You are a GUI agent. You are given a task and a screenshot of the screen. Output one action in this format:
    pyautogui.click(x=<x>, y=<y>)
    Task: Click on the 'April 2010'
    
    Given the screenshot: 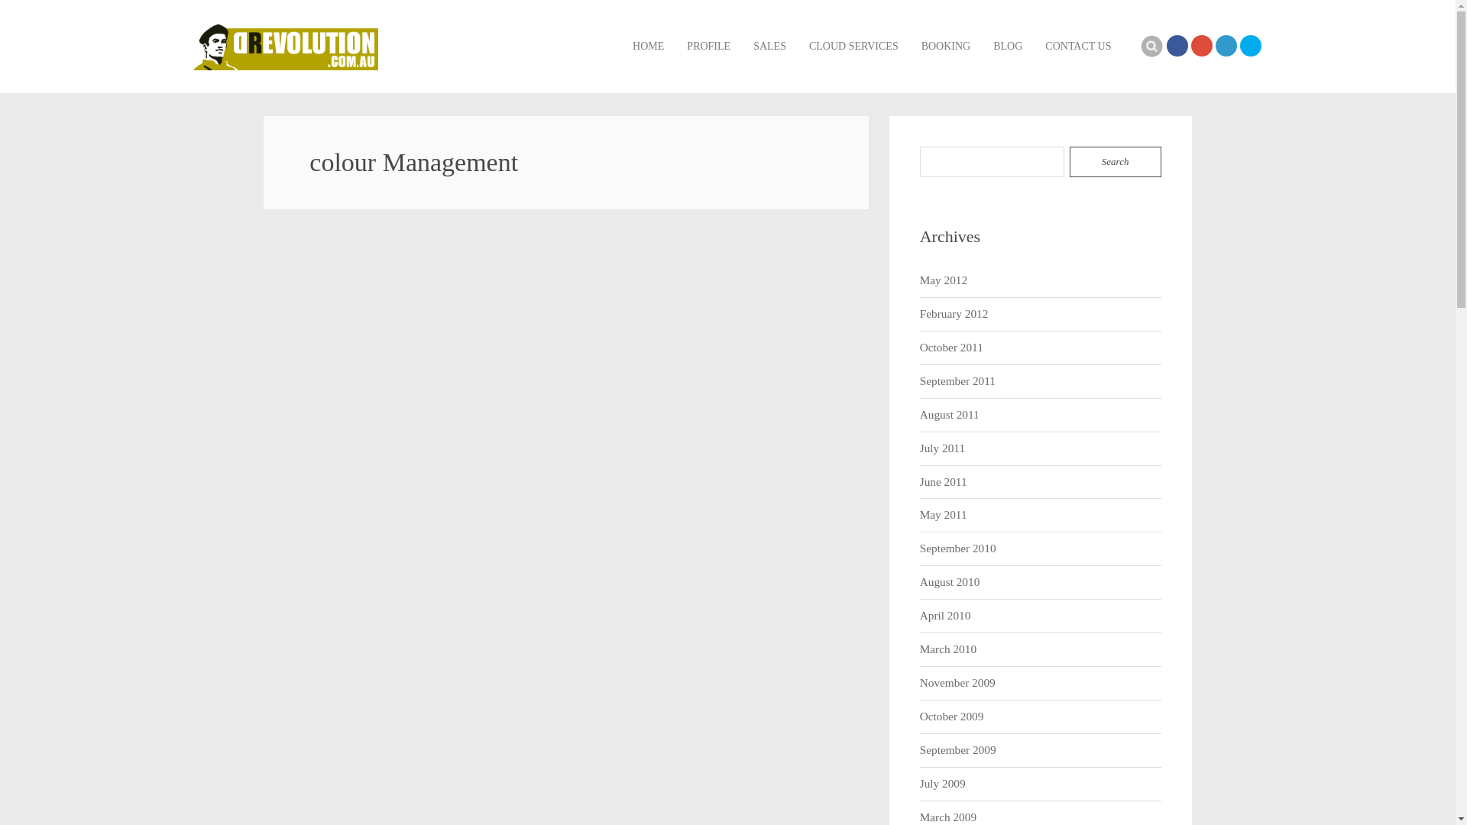 What is the action you would take?
    pyautogui.click(x=944, y=615)
    